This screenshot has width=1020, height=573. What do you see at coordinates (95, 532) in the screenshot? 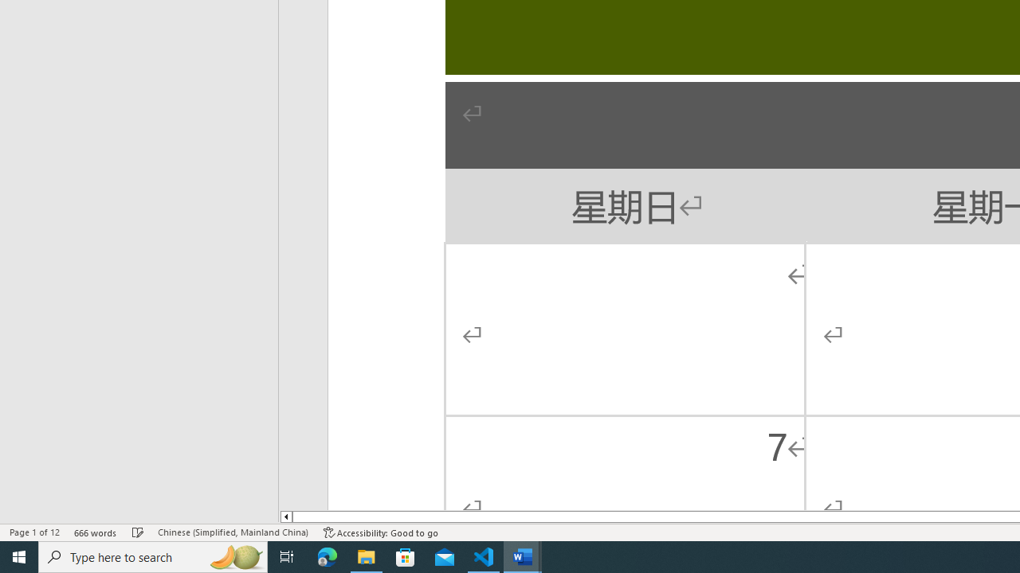
I see `'Word Count 666 words'` at bounding box center [95, 532].